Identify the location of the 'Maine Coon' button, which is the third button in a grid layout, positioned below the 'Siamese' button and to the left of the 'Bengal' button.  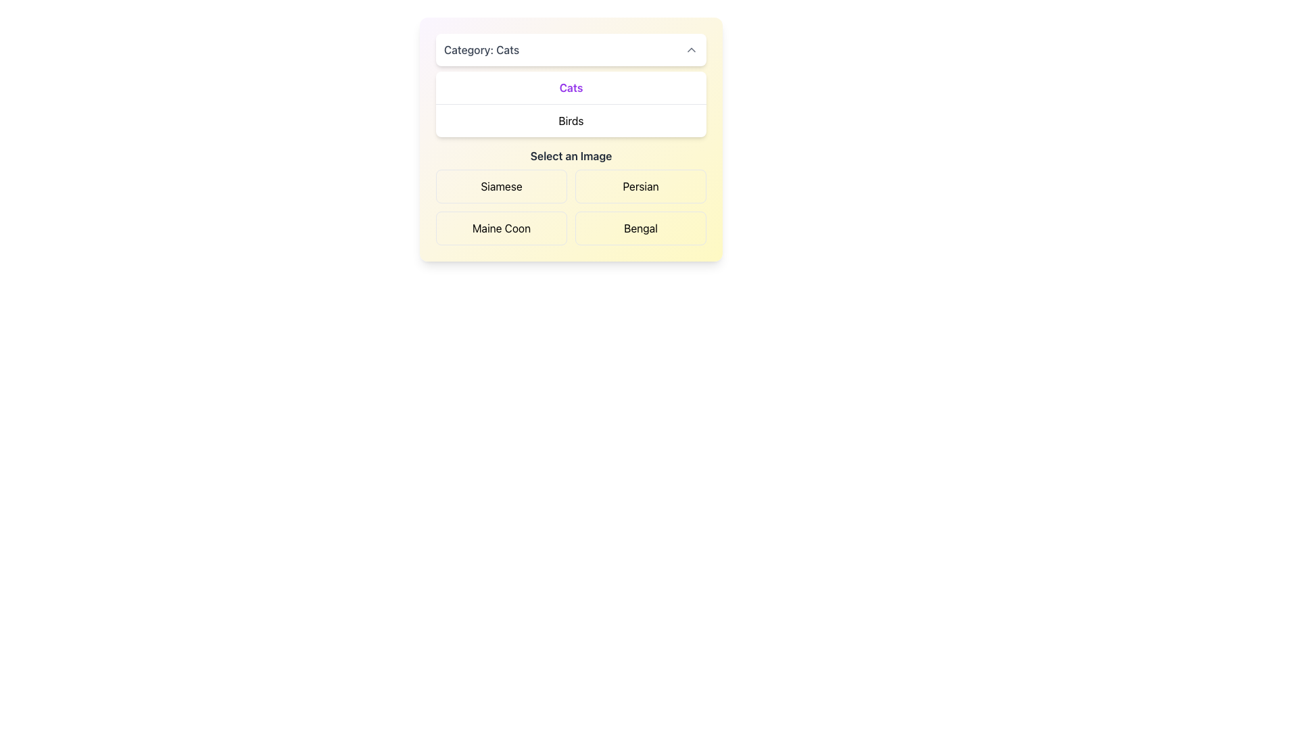
(501, 228).